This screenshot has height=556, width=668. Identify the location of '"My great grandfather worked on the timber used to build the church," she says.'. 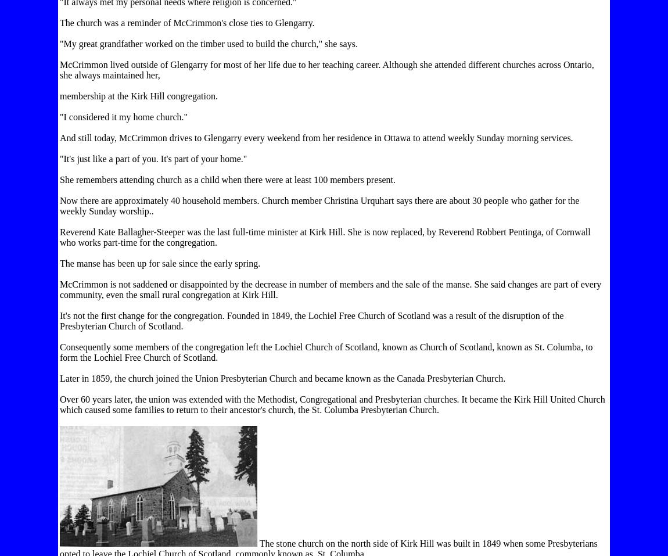
(209, 43).